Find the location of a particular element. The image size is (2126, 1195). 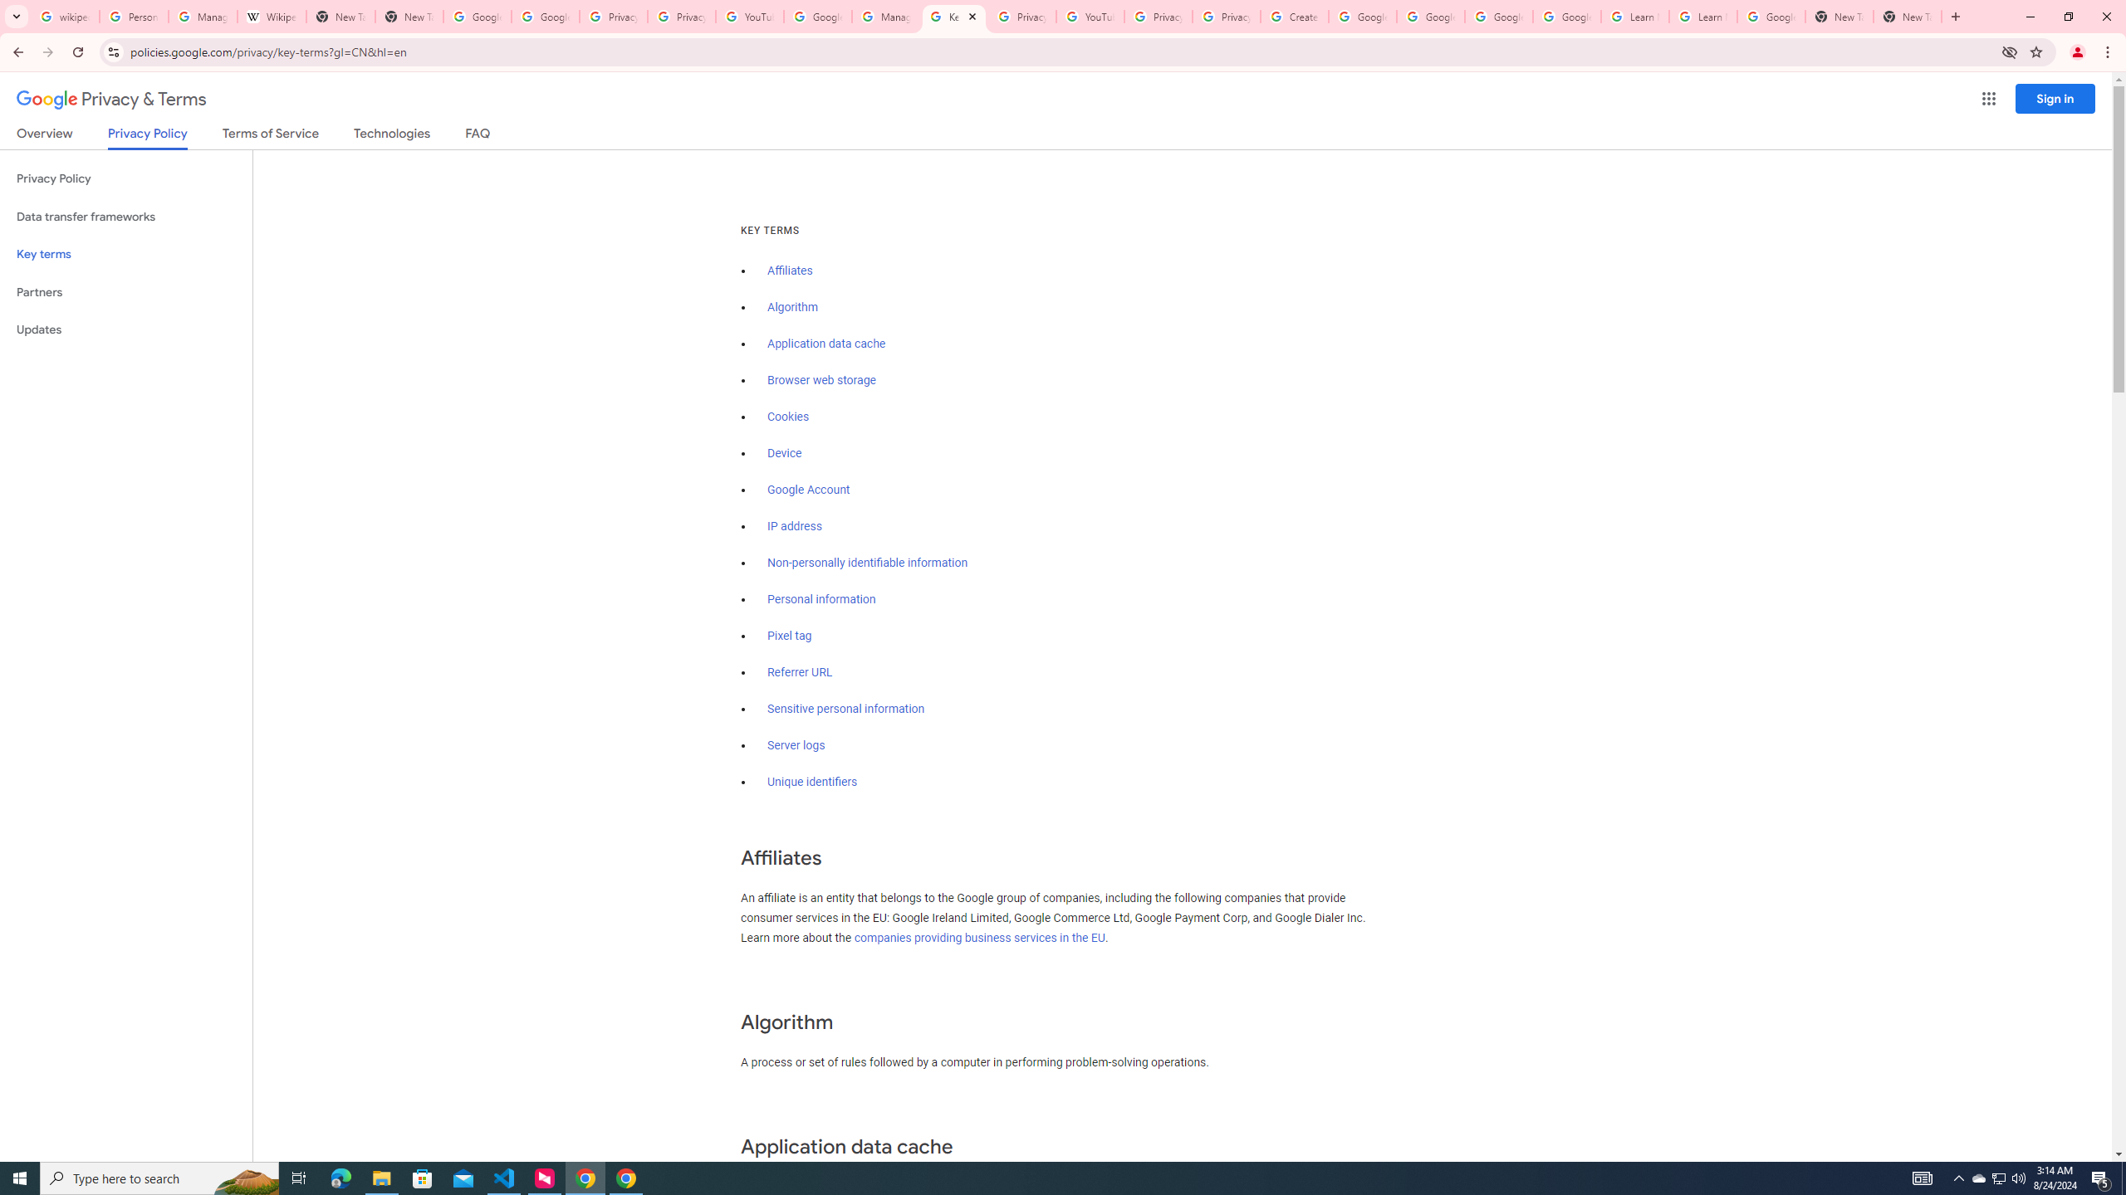

'New Tab' is located at coordinates (1839, 16).